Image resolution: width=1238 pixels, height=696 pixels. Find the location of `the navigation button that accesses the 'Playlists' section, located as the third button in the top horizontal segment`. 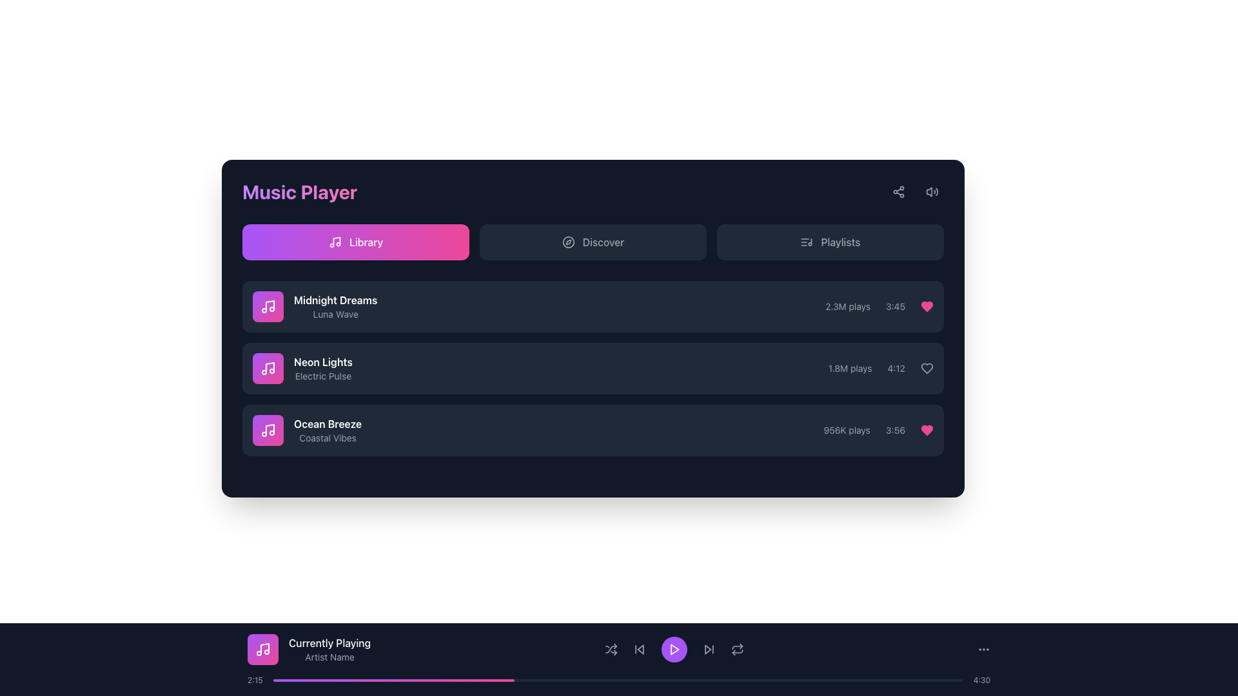

the navigation button that accesses the 'Playlists' section, located as the third button in the top horizontal segment is located at coordinates (830, 242).